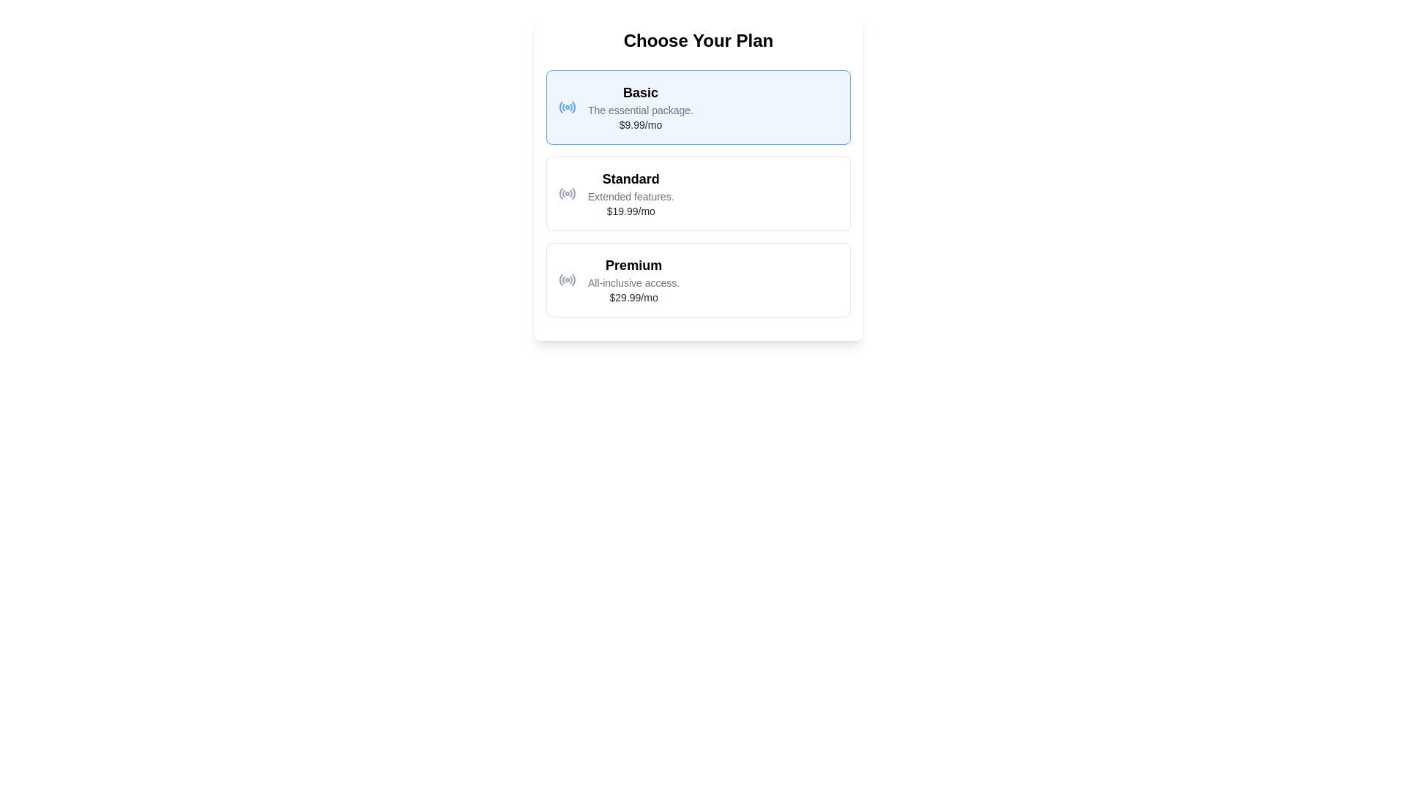 The width and height of the screenshot is (1406, 790). What do you see at coordinates (566, 193) in the screenshot?
I see `the associated option of the radio button located within the 'Standard' section, to the left of the text 'Extended features'` at bounding box center [566, 193].